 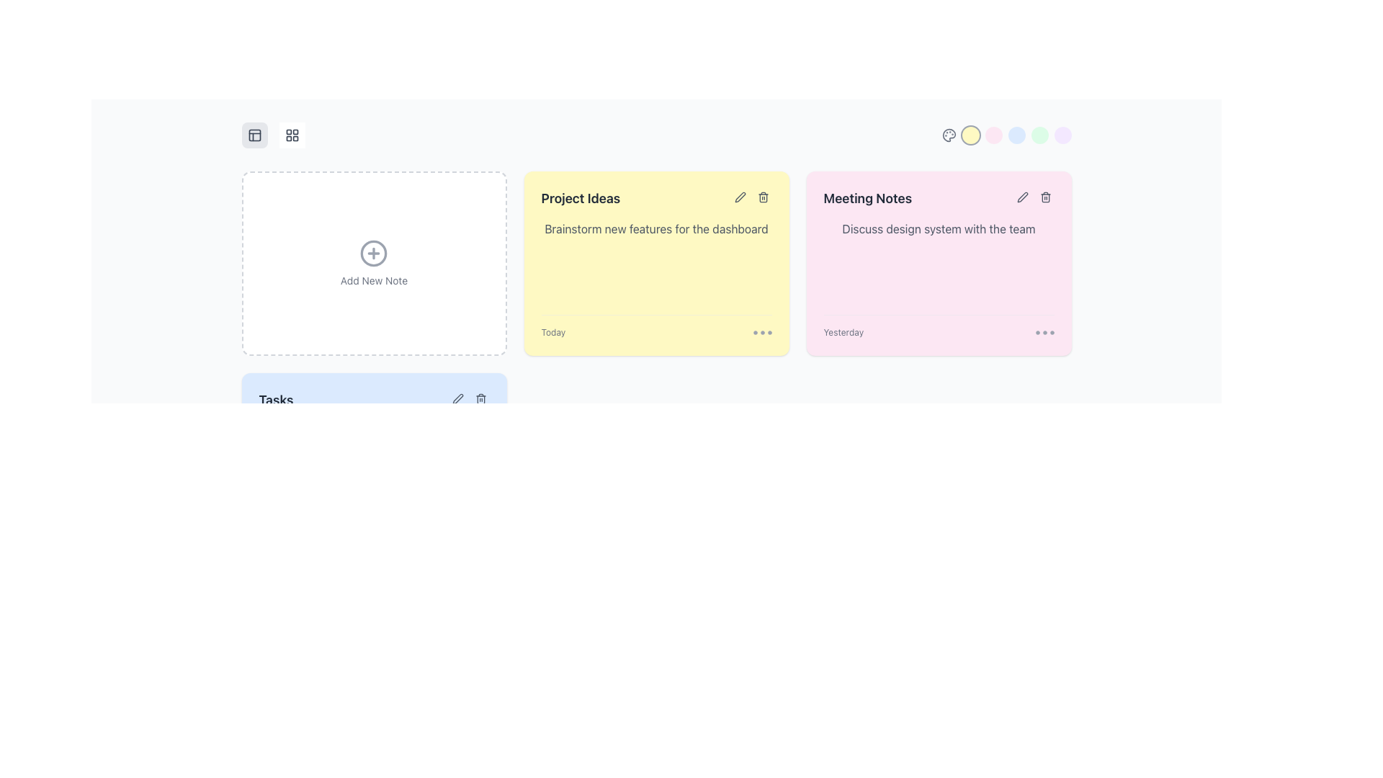 I want to click on timestamp information displayed in the static text label located in the lower left corner of the pink card labeled 'Meeting Notes', so click(x=843, y=333).